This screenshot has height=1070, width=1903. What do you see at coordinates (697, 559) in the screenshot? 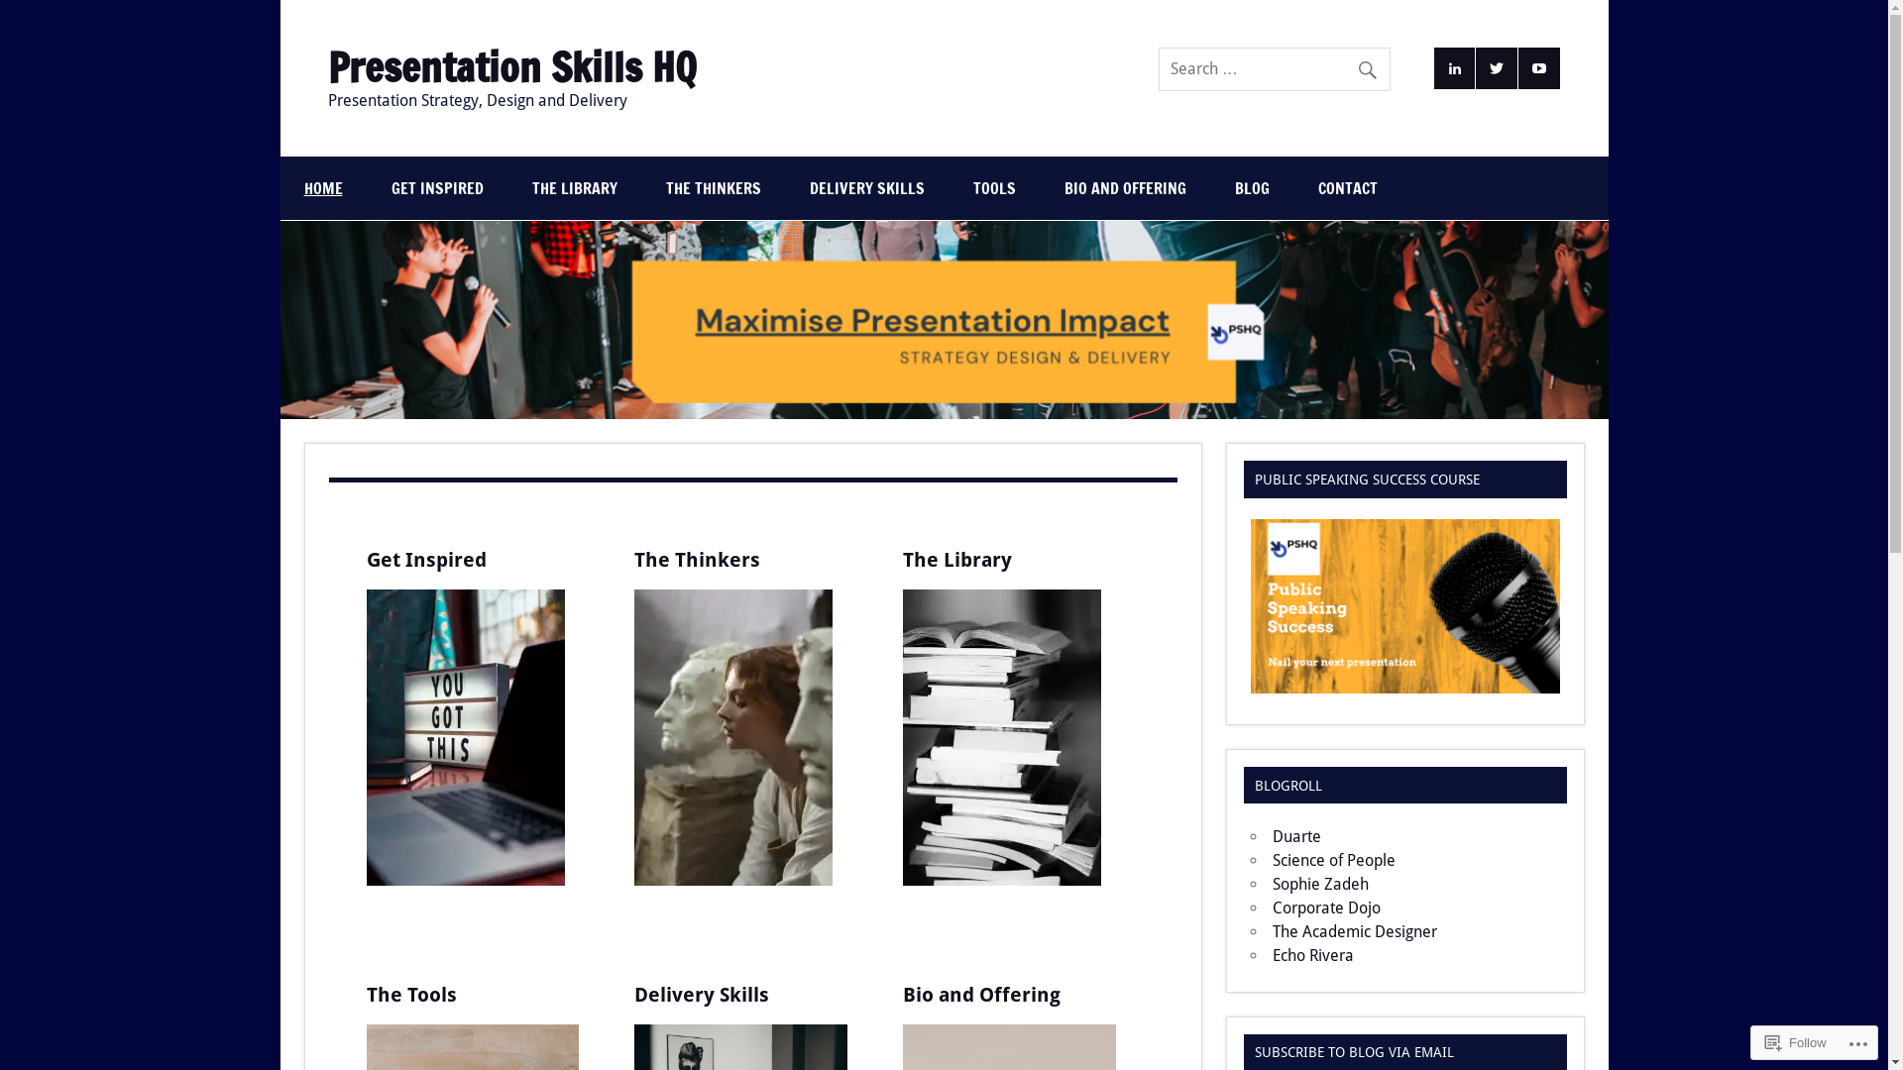
I see `'The Thinkers'` at bounding box center [697, 559].